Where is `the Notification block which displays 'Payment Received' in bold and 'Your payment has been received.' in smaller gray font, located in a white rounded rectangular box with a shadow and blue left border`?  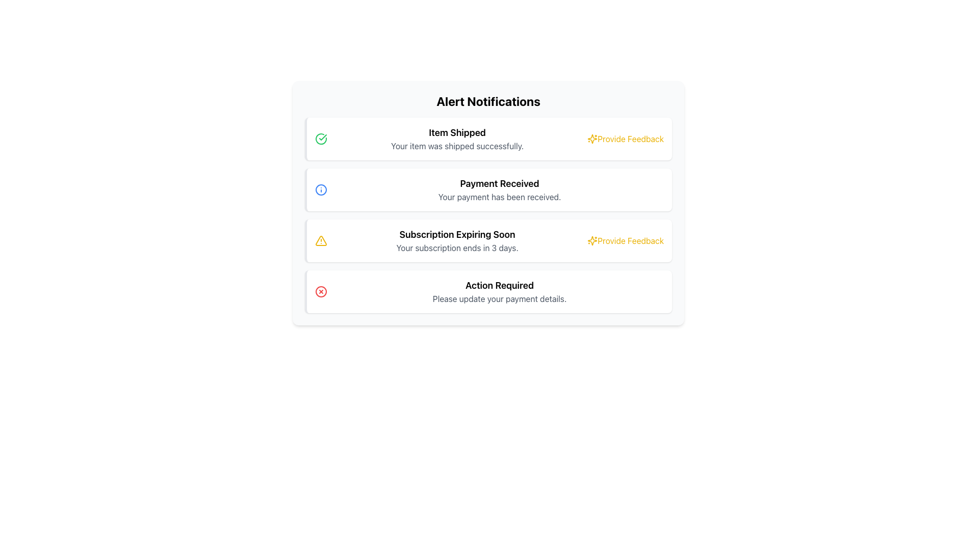
the Notification block which displays 'Payment Received' in bold and 'Your payment has been received.' in smaller gray font, located in a white rounded rectangular box with a shadow and blue left border is located at coordinates (499, 190).